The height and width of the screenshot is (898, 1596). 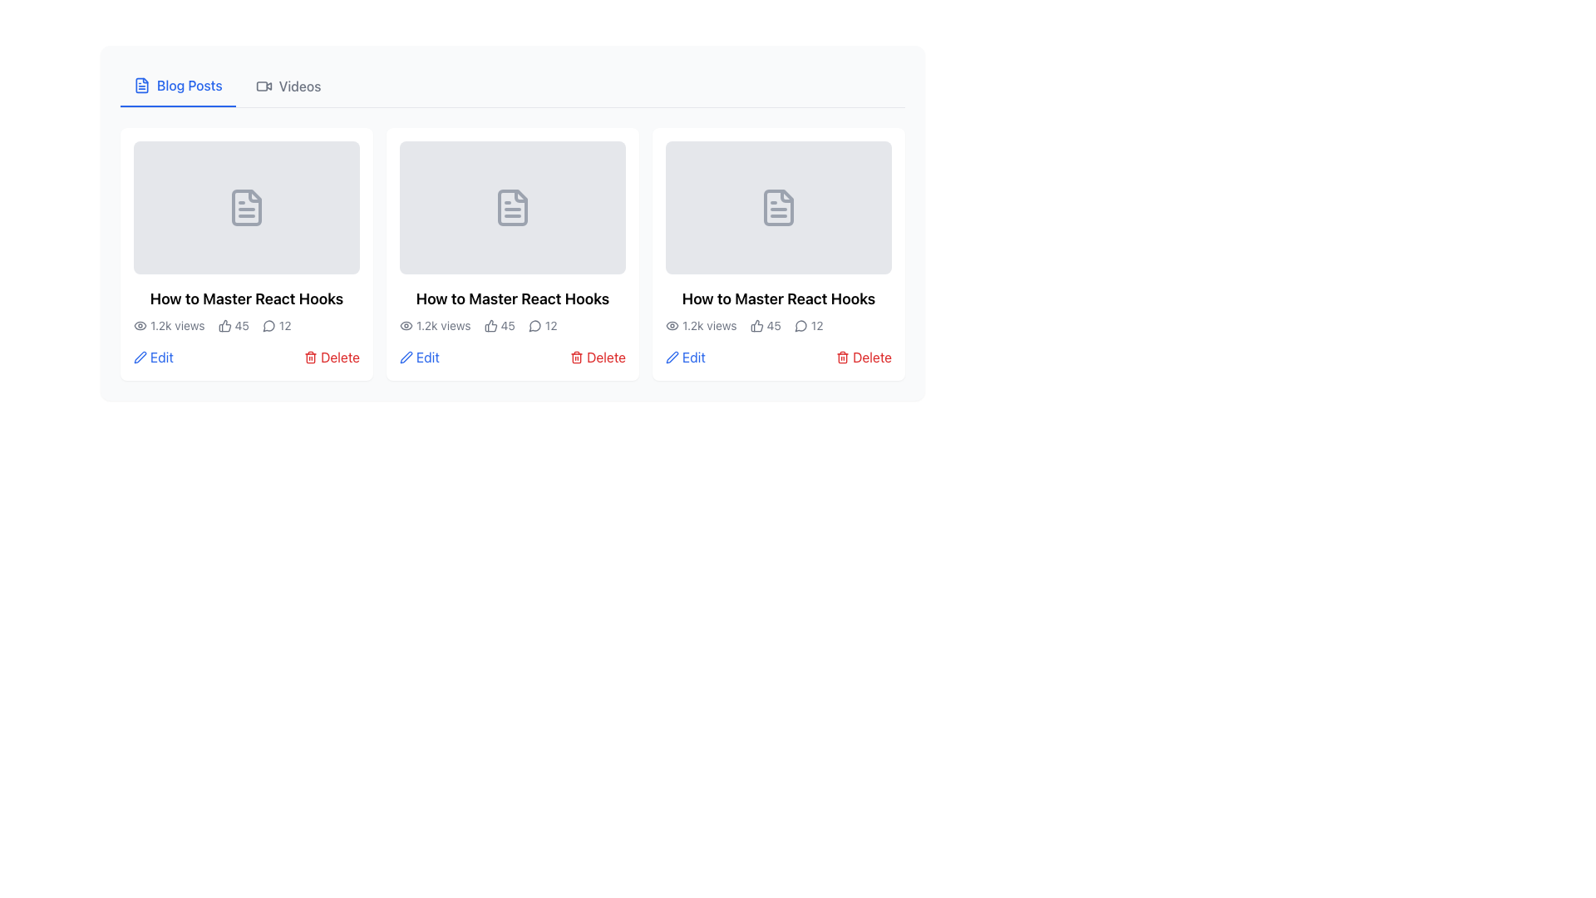 I want to click on the decorative document icon located at the top of the first card under the 'Blog Posts' section, above the 'How to Master React Hooks' heading, so click(x=246, y=207).